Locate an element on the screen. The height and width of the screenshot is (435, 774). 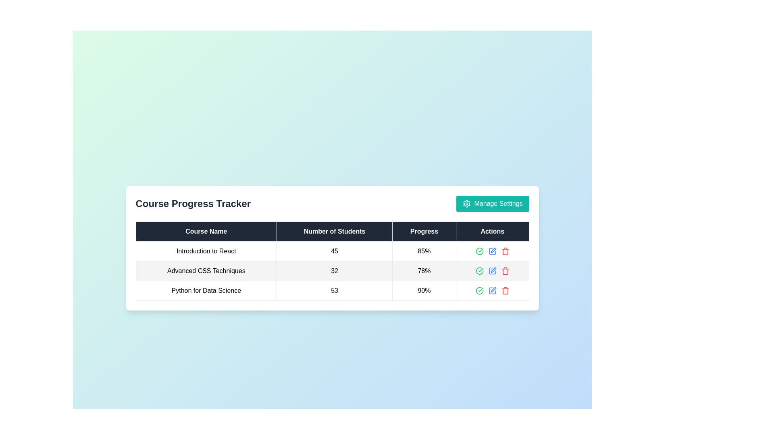
value displayed in the text element showing '90%' in bold black font under the 'Progress' column of the 'Course Progress Tracker' table is located at coordinates (424, 290).